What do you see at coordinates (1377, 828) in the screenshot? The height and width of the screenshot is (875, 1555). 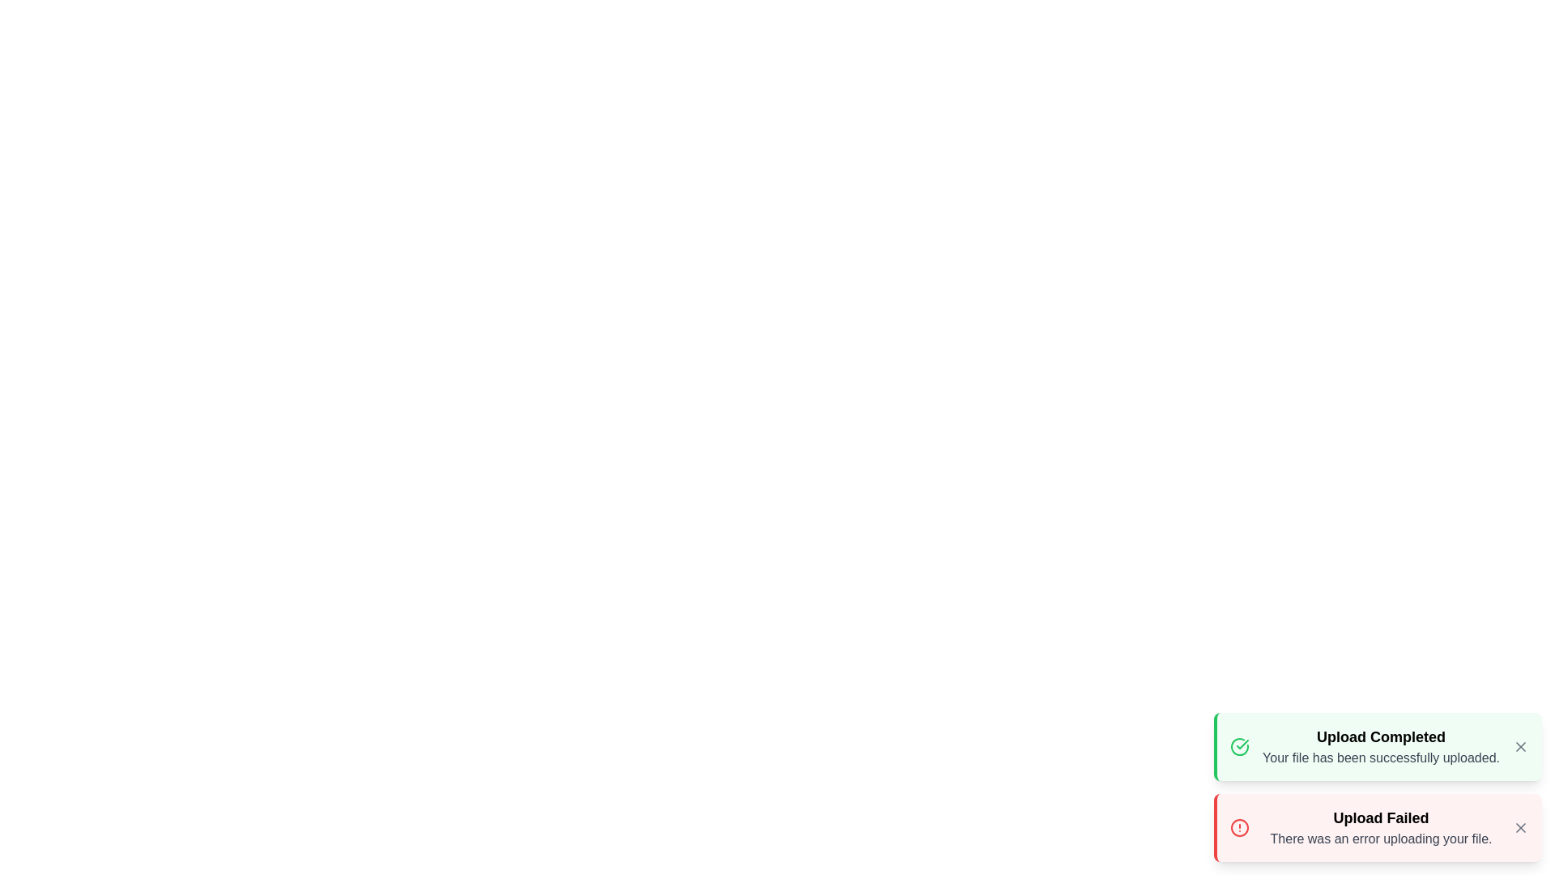 I see `the notification box displaying 'Upload Failed' to analyze its styling details` at bounding box center [1377, 828].